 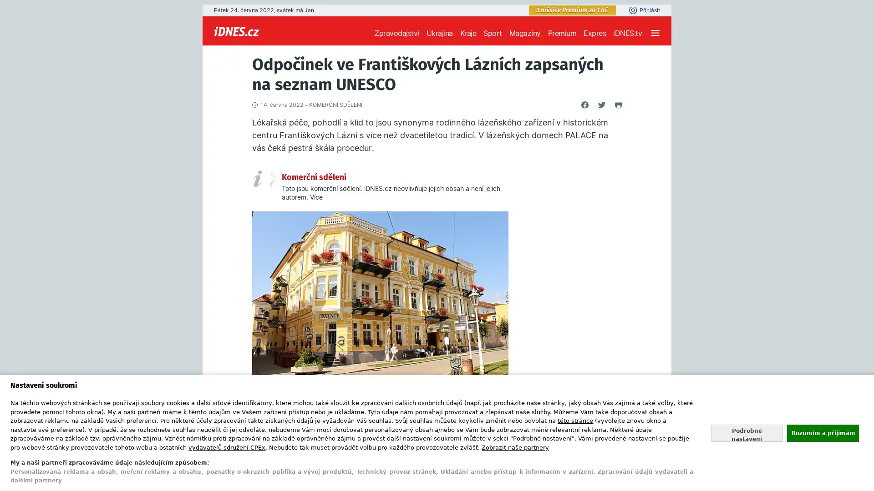 What do you see at coordinates (515, 446) in the screenshot?
I see `Zobrazit nase partnery` at bounding box center [515, 446].